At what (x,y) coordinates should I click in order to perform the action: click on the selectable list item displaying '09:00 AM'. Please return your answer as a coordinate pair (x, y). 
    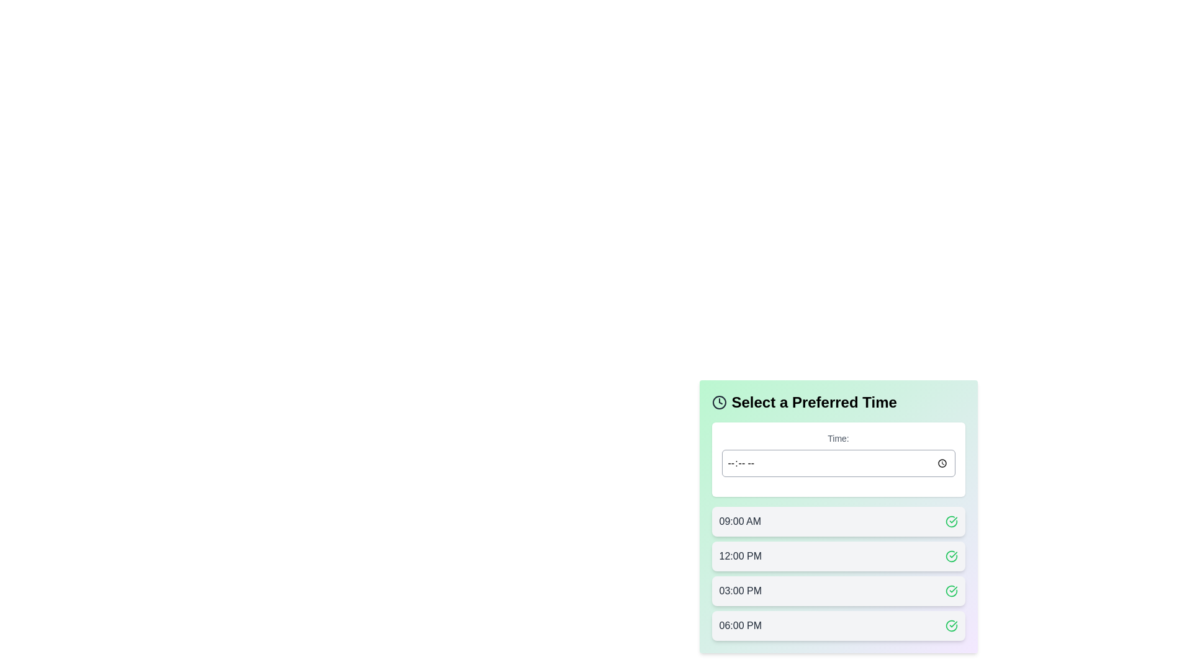
    Looking at the image, I should click on (838, 517).